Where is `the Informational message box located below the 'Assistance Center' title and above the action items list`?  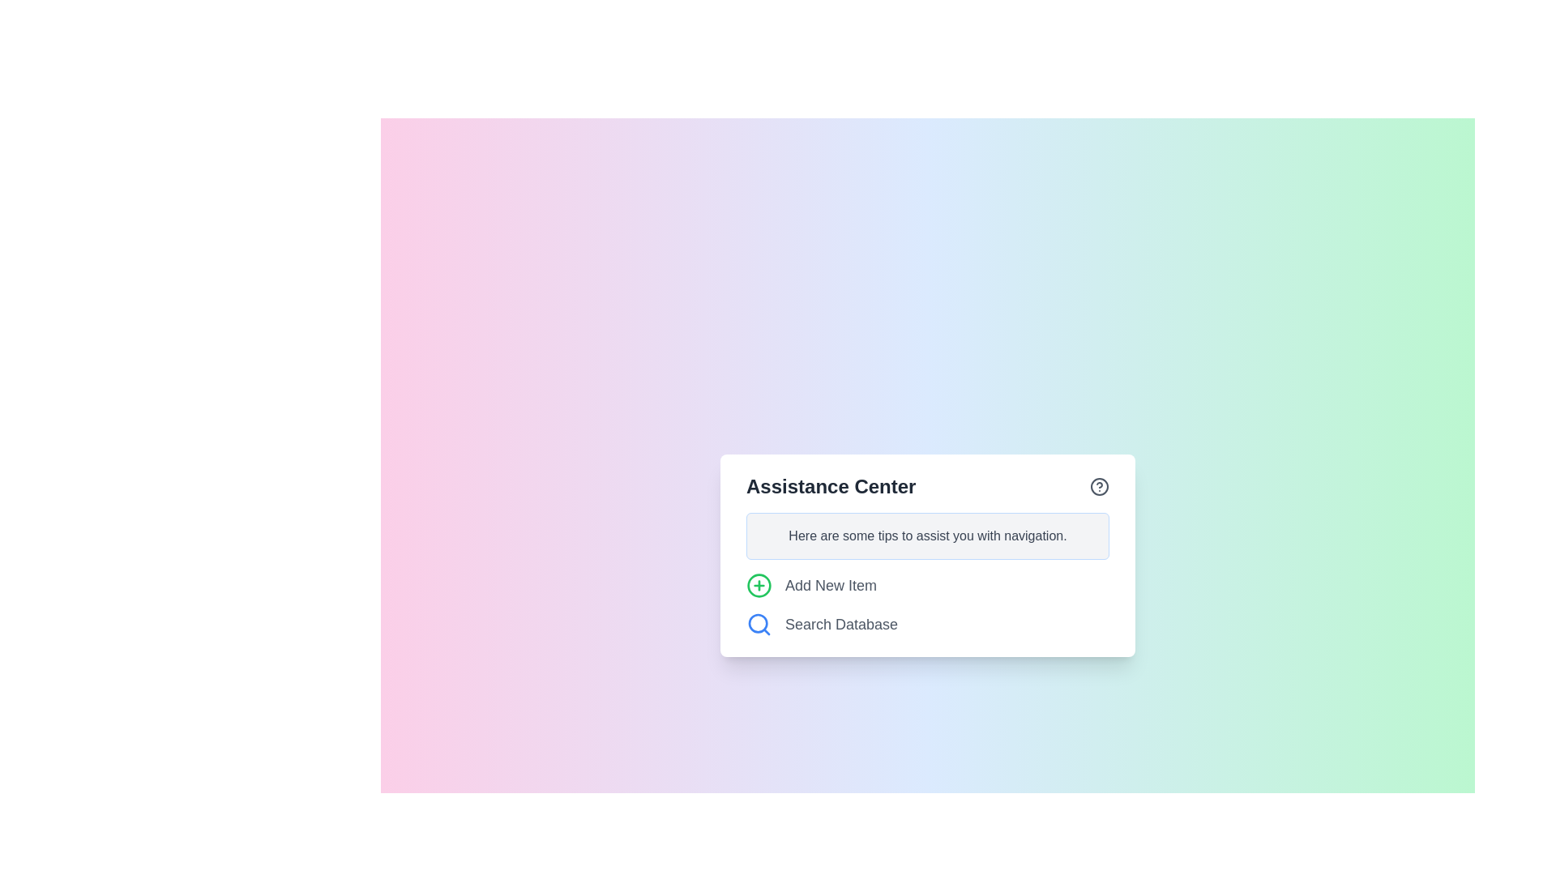
the Informational message box located below the 'Assistance Center' title and above the action items list is located at coordinates (928, 536).